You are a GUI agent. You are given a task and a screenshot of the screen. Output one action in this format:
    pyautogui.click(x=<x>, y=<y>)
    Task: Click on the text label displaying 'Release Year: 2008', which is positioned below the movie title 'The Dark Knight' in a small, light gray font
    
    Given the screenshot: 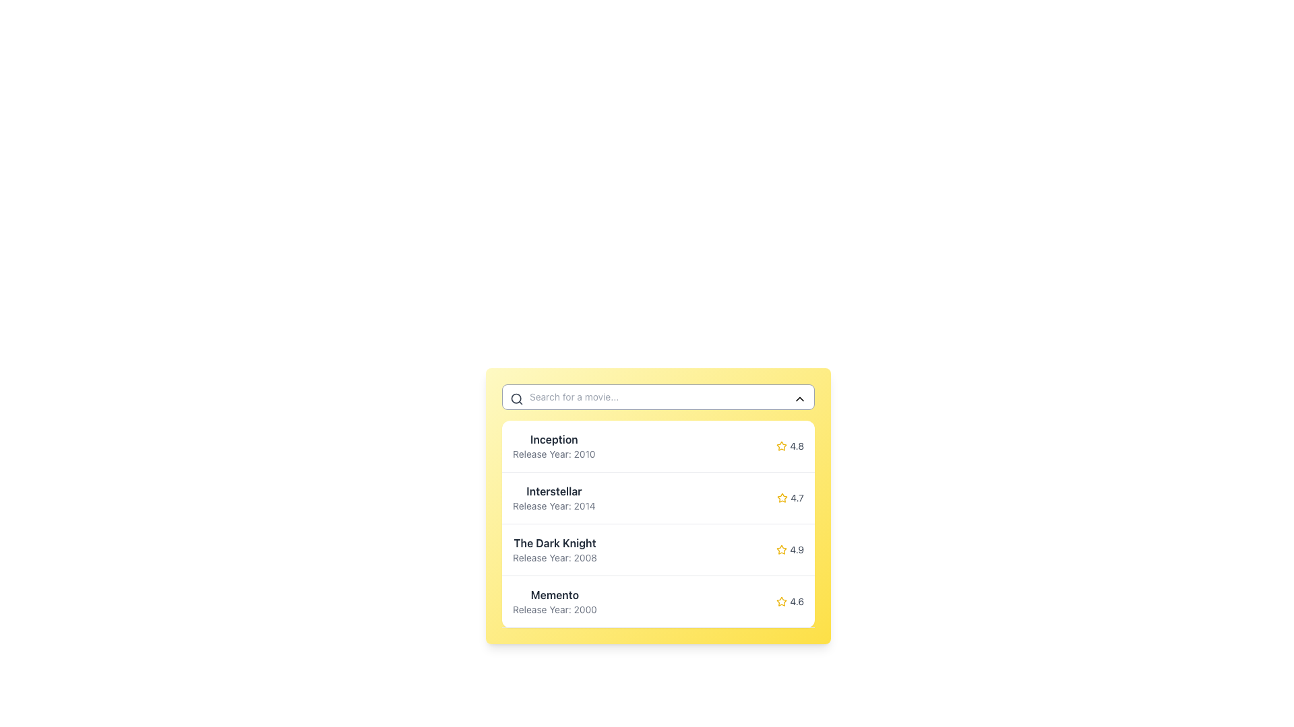 What is the action you would take?
    pyautogui.click(x=555, y=558)
    